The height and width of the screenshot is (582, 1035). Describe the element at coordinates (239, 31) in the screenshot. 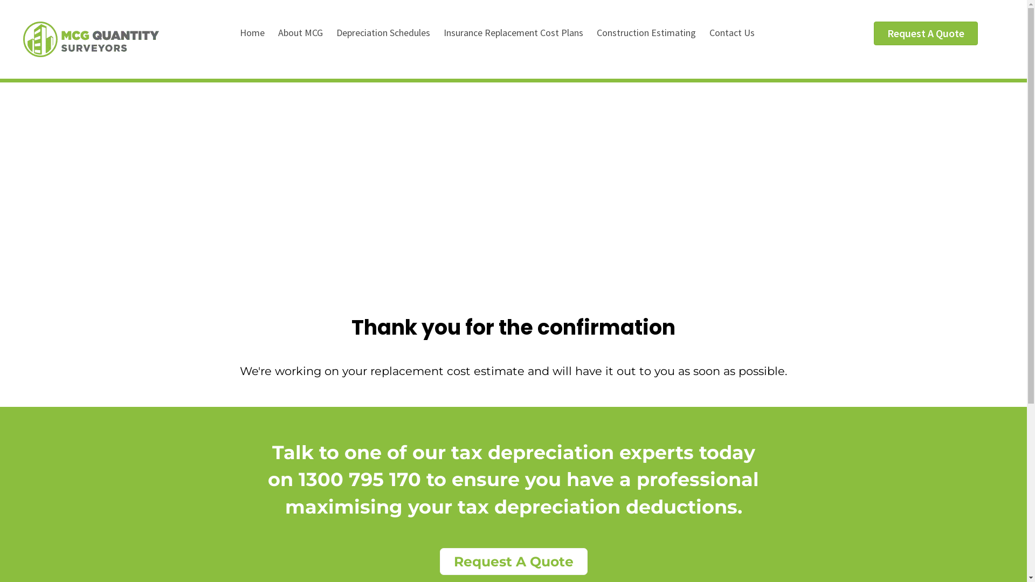

I see `'Home'` at that location.